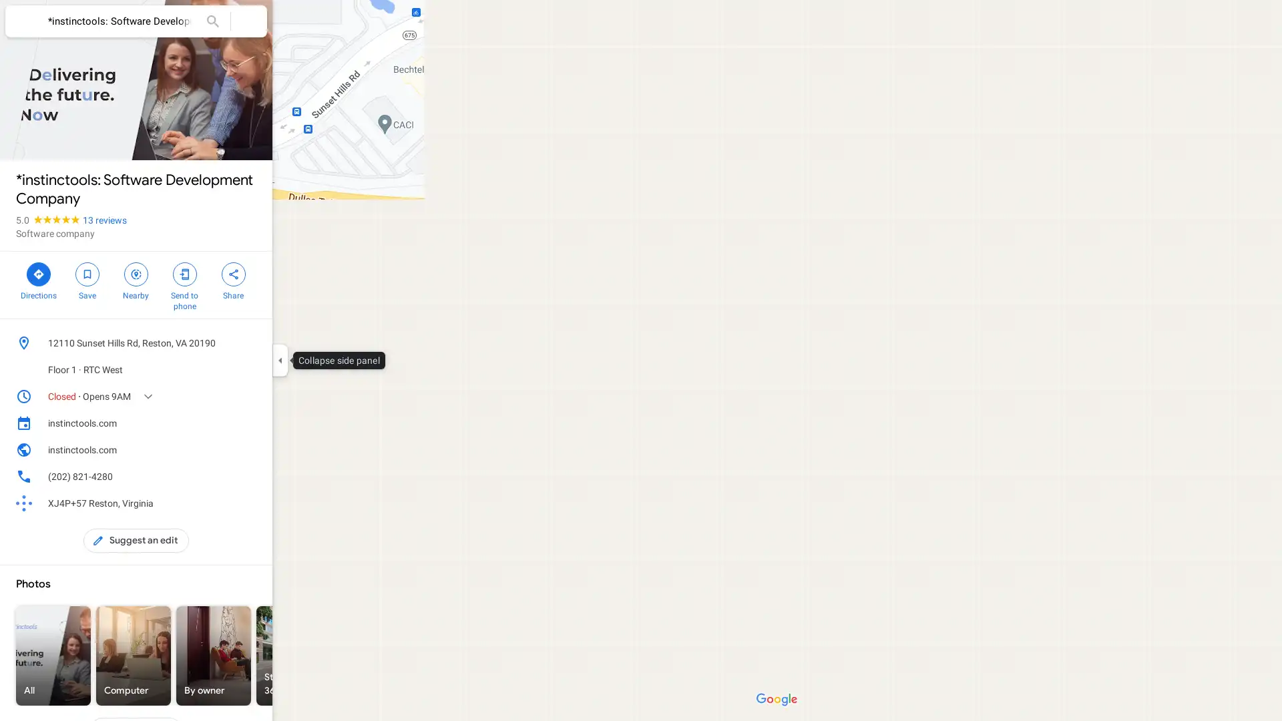 The height and width of the screenshot is (721, 1282). I want to click on All, so click(53, 655).